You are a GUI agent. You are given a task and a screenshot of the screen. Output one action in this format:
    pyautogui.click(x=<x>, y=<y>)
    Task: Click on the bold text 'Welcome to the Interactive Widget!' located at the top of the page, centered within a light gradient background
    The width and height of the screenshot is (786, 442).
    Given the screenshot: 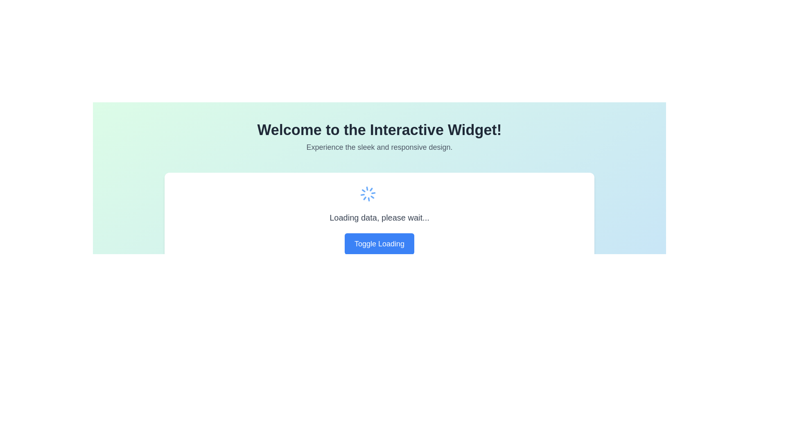 What is the action you would take?
    pyautogui.click(x=379, y=129)
    